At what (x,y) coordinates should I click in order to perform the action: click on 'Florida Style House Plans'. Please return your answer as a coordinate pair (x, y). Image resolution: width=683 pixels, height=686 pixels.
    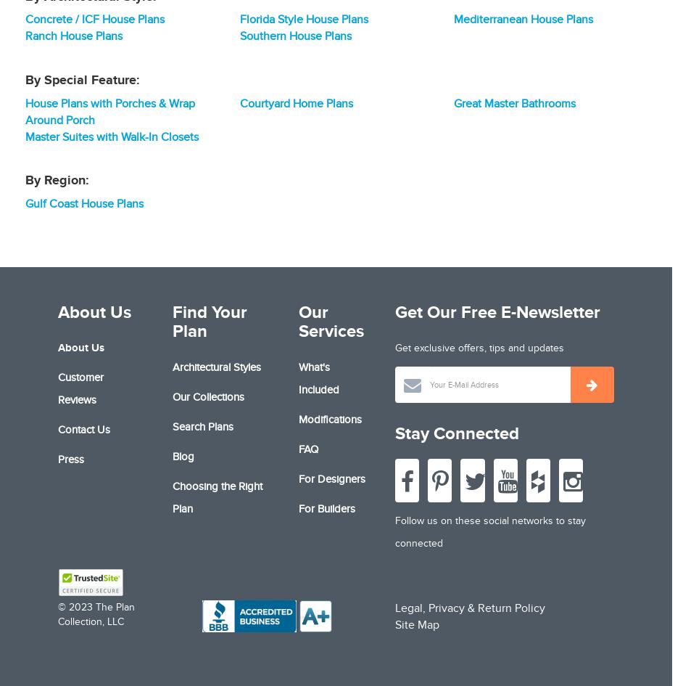
    Looking at the image, I should click on (239, 20).